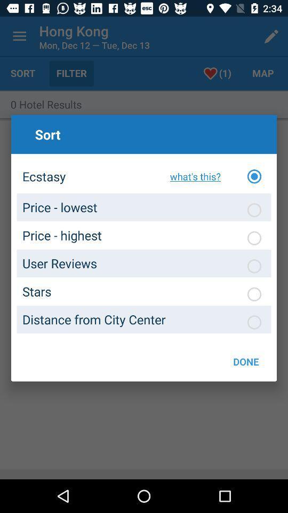  Describe the element at coordinates (253, 209) in the screenshot. I see `price-lowest option` at that location.